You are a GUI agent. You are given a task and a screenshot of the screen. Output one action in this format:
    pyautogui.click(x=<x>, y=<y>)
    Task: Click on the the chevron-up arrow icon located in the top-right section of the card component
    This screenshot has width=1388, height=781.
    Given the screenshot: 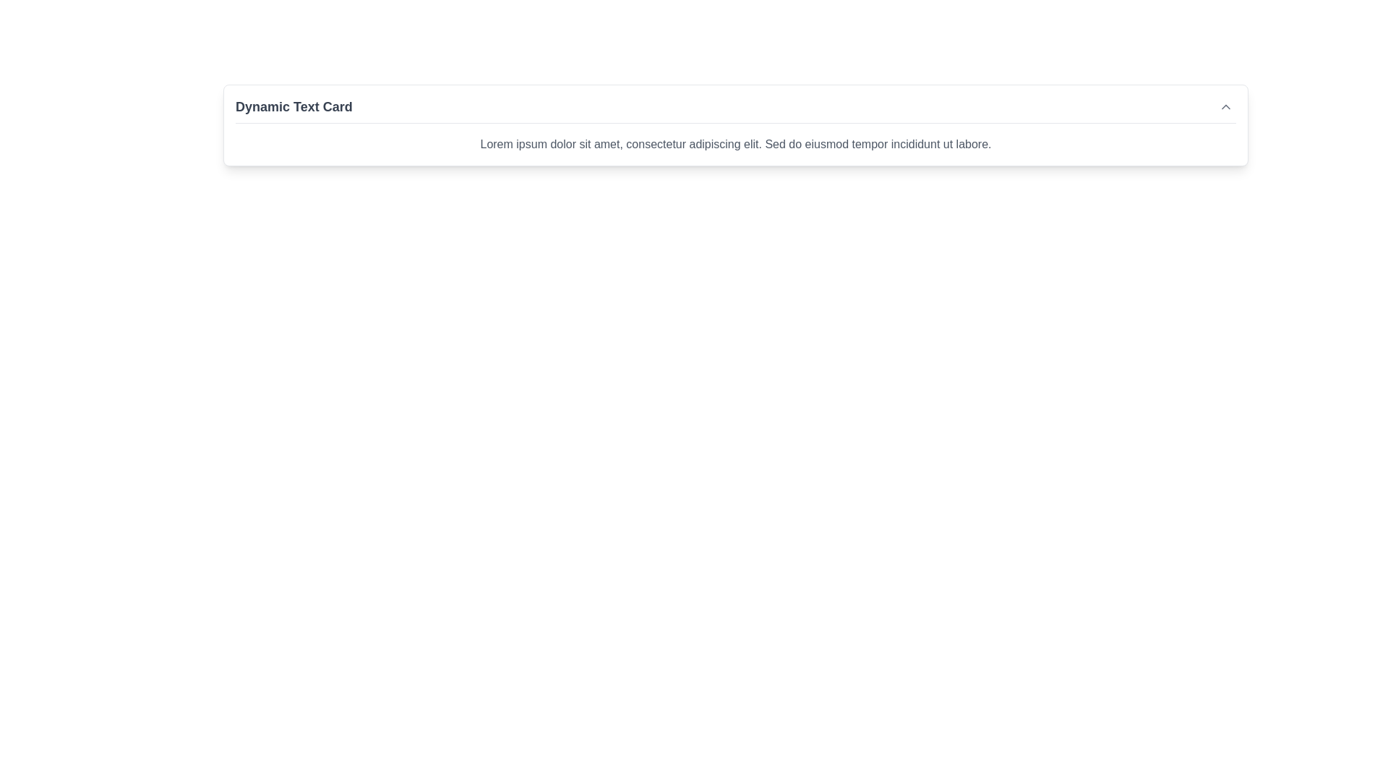 What is the action you would take?
    pyautogui.click(x=1225, y=106)
    